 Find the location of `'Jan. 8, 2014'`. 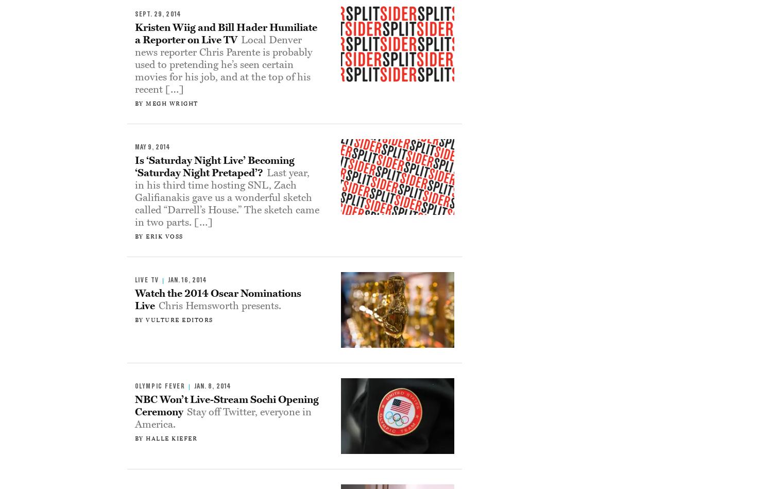

'Jan. 8, 2014' is located at coordinates (212, 386).